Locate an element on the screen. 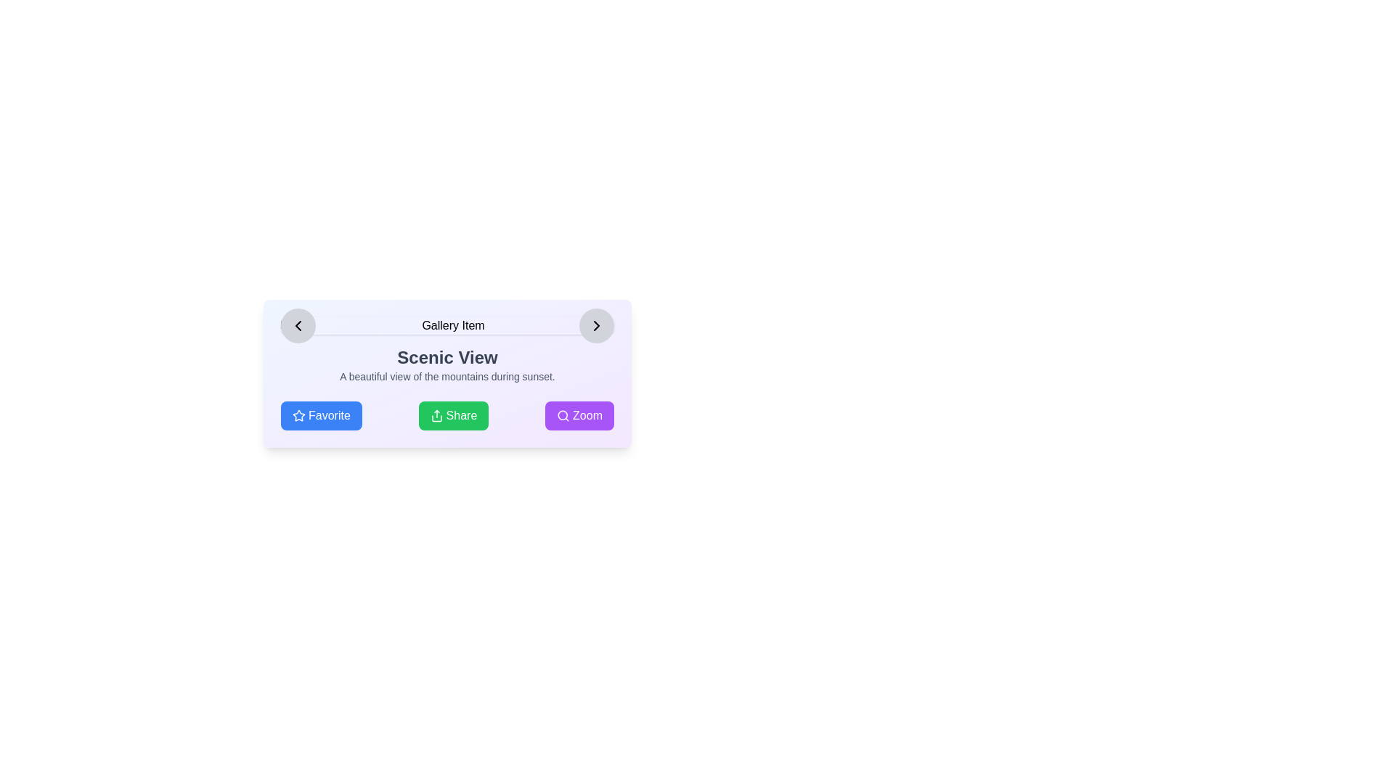 The height and width of the screenshot is (784, 1394). the green 'Share' button, which is the second button from the left, to change its color is located at coordinates (447, 416).